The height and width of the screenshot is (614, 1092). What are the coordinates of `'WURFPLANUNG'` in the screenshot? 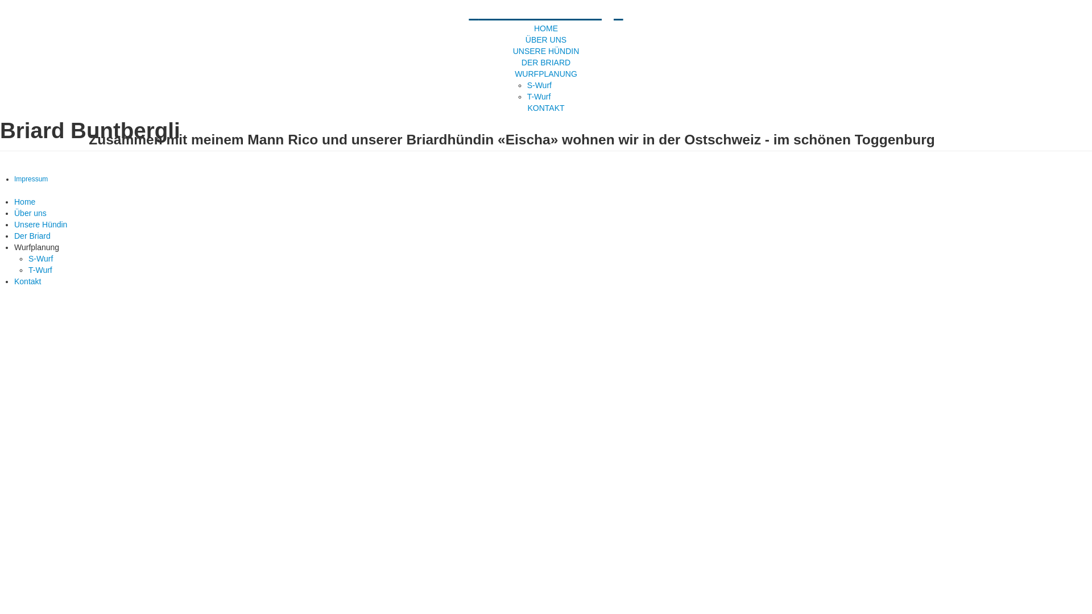 It's located at (546, 74).